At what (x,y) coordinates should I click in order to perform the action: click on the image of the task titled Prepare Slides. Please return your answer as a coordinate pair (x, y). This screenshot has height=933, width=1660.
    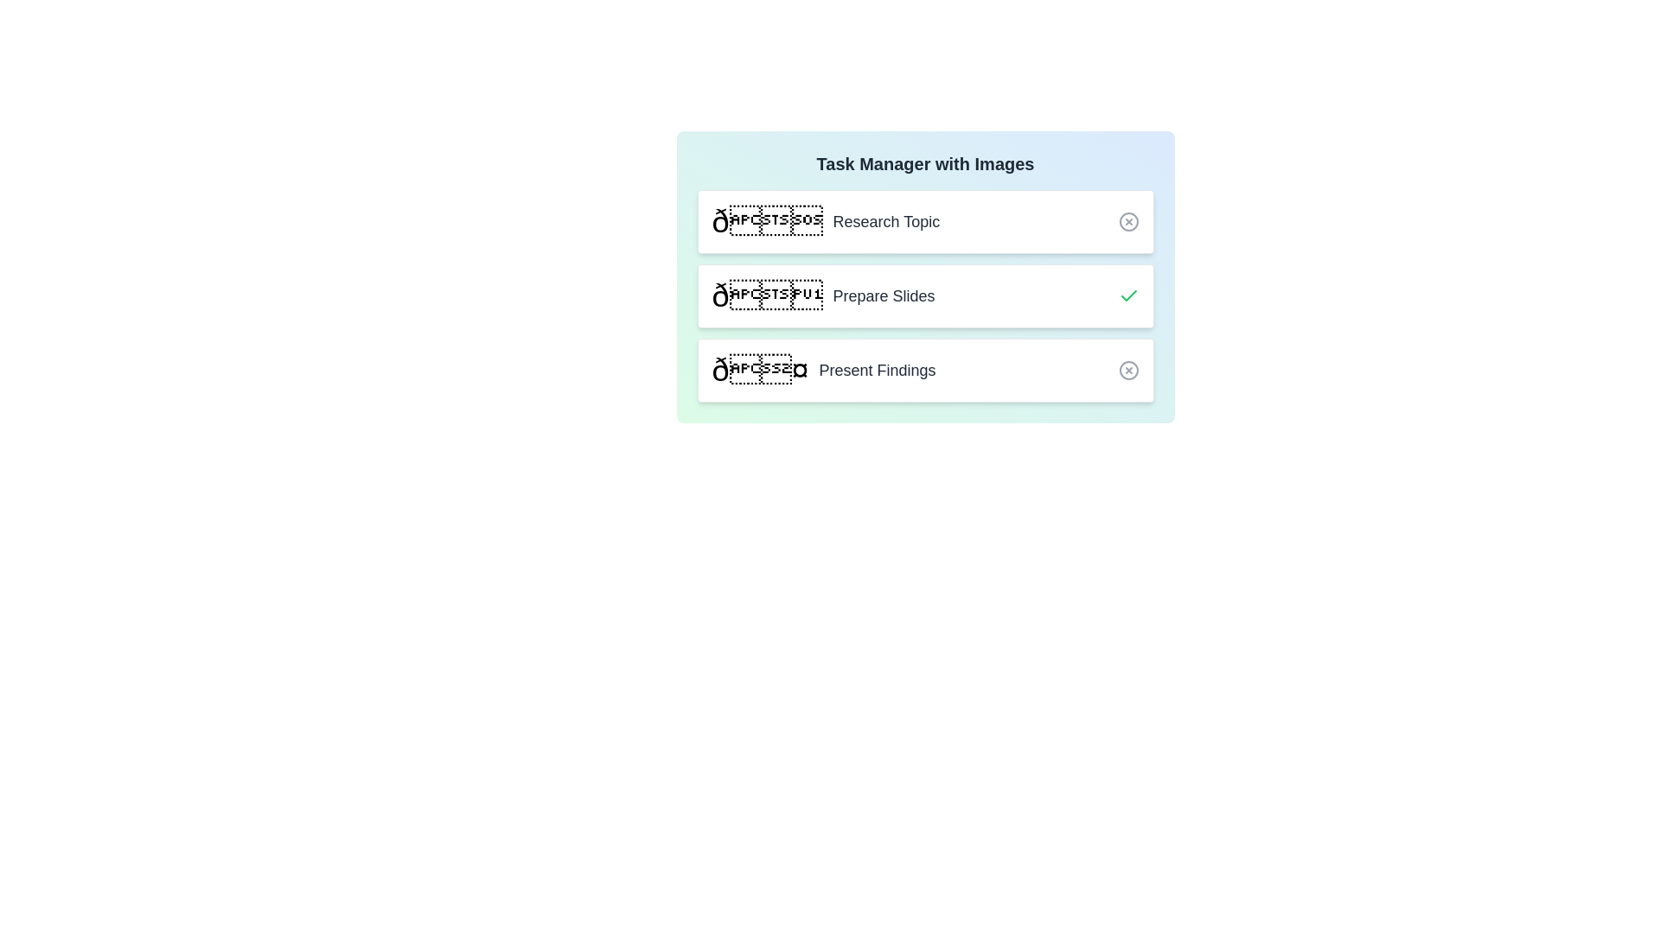
    Looking at the image, I should click on (766, 295).